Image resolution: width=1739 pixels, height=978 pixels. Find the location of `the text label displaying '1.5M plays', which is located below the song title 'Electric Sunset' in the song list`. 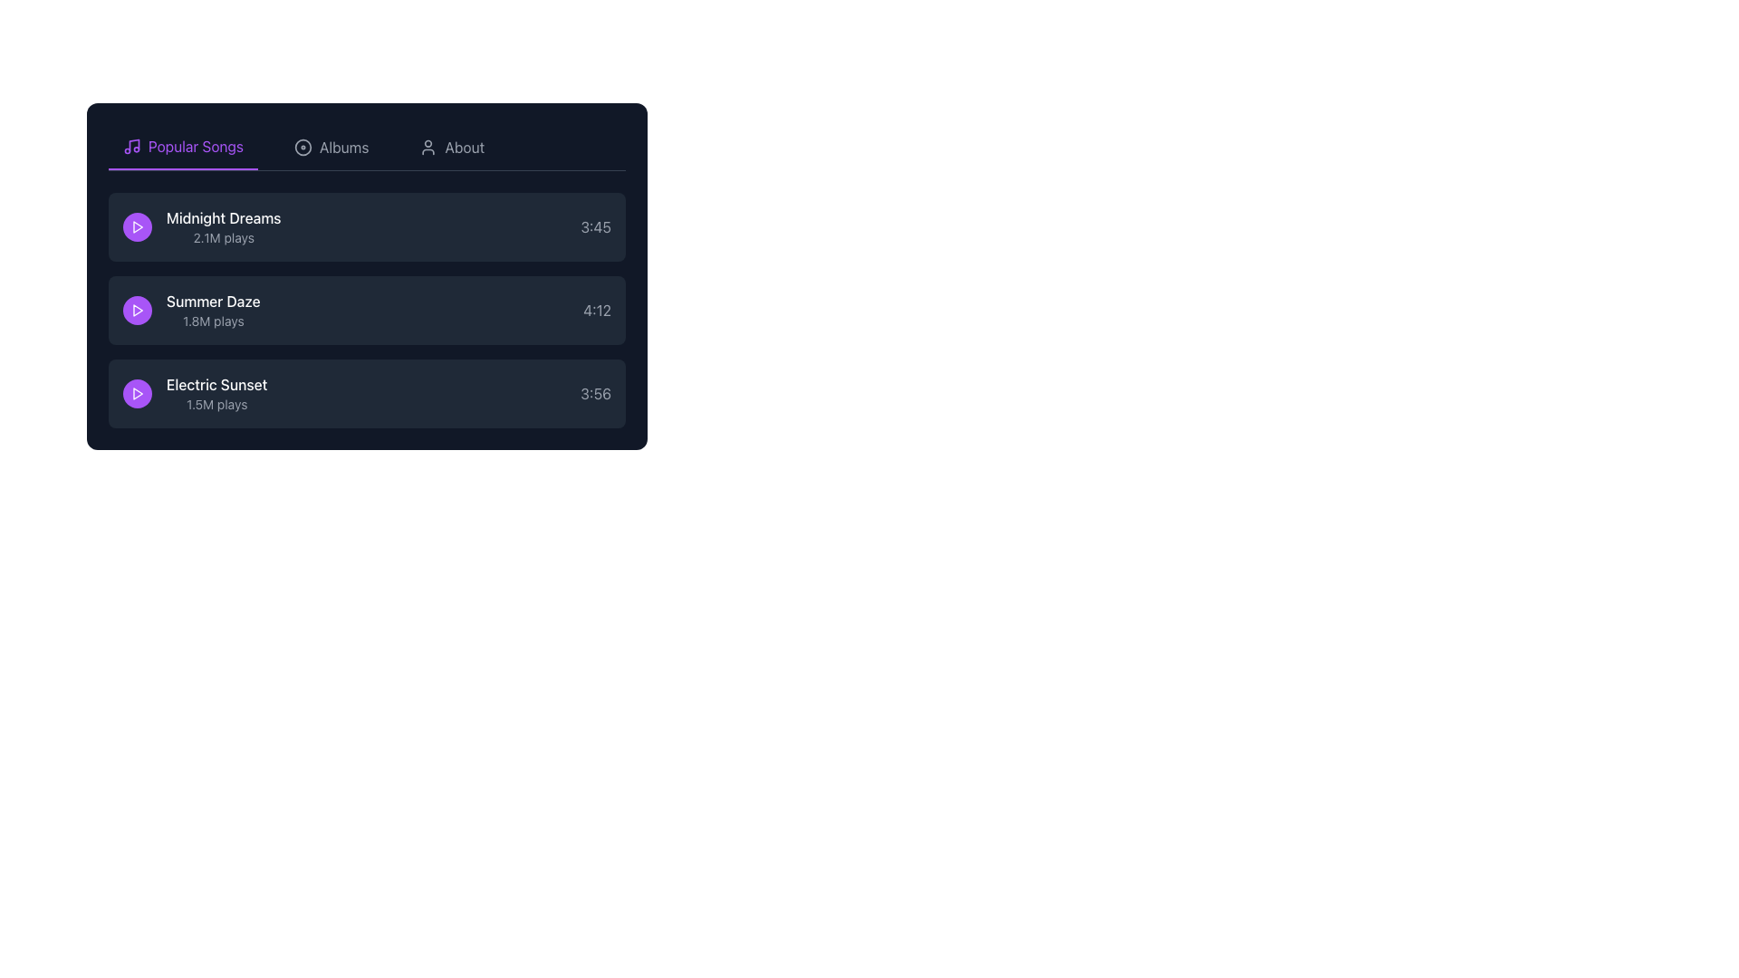

the text label displaying '1.5M plays', which is located below the song title 'Electric Sunset' in the song list is located at coordinates (216, 404).